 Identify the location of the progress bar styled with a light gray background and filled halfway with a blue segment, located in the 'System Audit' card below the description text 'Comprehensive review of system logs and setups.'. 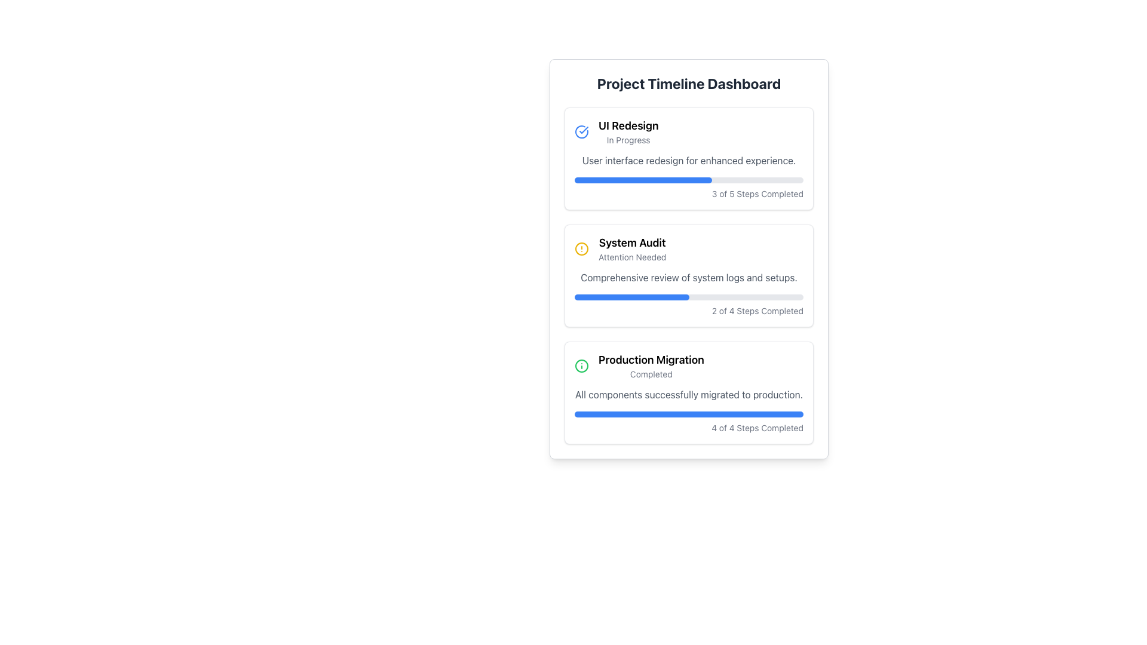
(689, 296).